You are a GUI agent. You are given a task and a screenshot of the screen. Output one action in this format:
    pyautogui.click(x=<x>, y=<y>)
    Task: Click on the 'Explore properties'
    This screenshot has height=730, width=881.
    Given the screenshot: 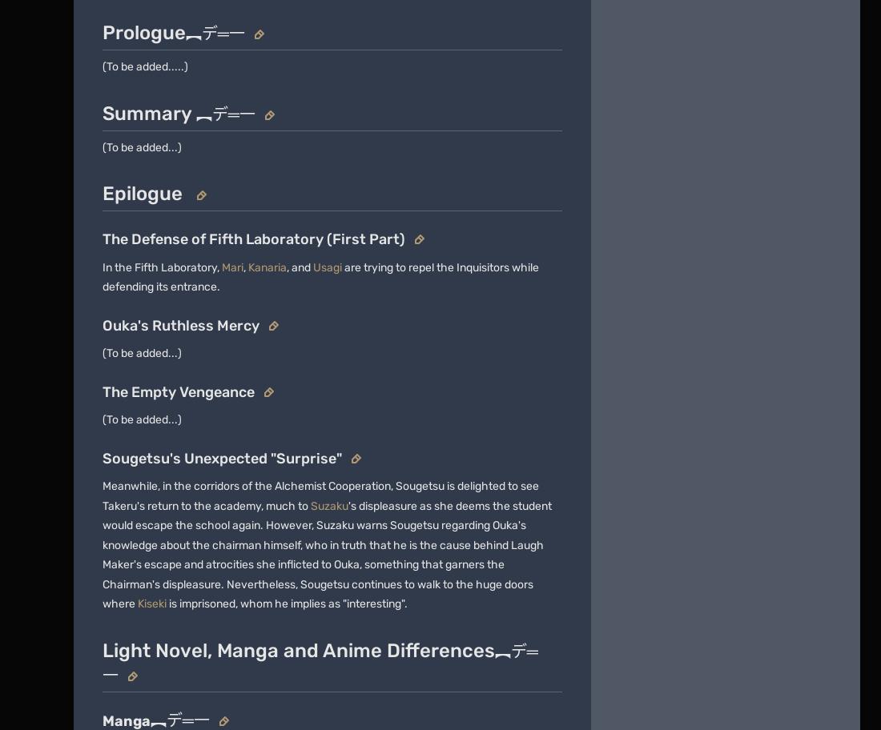 What is the action you would take?
    pyautogui.click(x=126, y=259)
    